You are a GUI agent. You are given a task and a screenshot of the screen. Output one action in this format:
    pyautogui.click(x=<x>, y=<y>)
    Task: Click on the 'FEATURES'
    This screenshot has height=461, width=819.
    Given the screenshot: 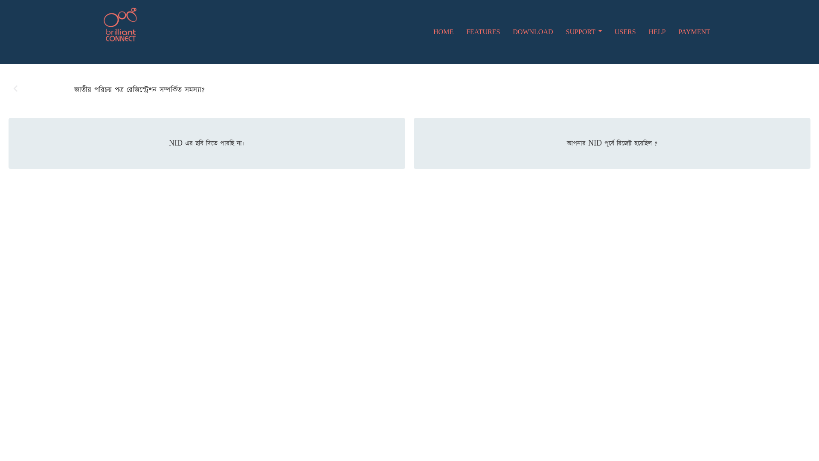 What is the action you would take?
    pyautogui.click(x=483, y=31)
    